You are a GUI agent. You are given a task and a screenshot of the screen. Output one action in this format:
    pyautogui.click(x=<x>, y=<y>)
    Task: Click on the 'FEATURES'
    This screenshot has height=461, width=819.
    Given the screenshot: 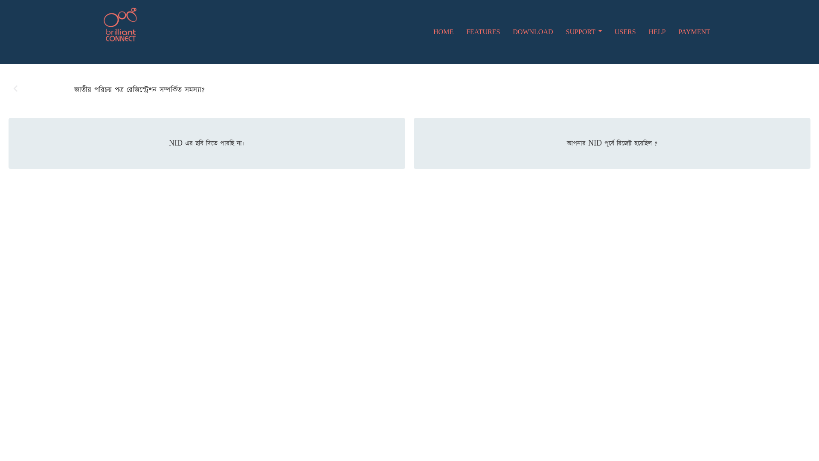 What is the action you would take?
    pyautogui.click(x=483, y=31)
    